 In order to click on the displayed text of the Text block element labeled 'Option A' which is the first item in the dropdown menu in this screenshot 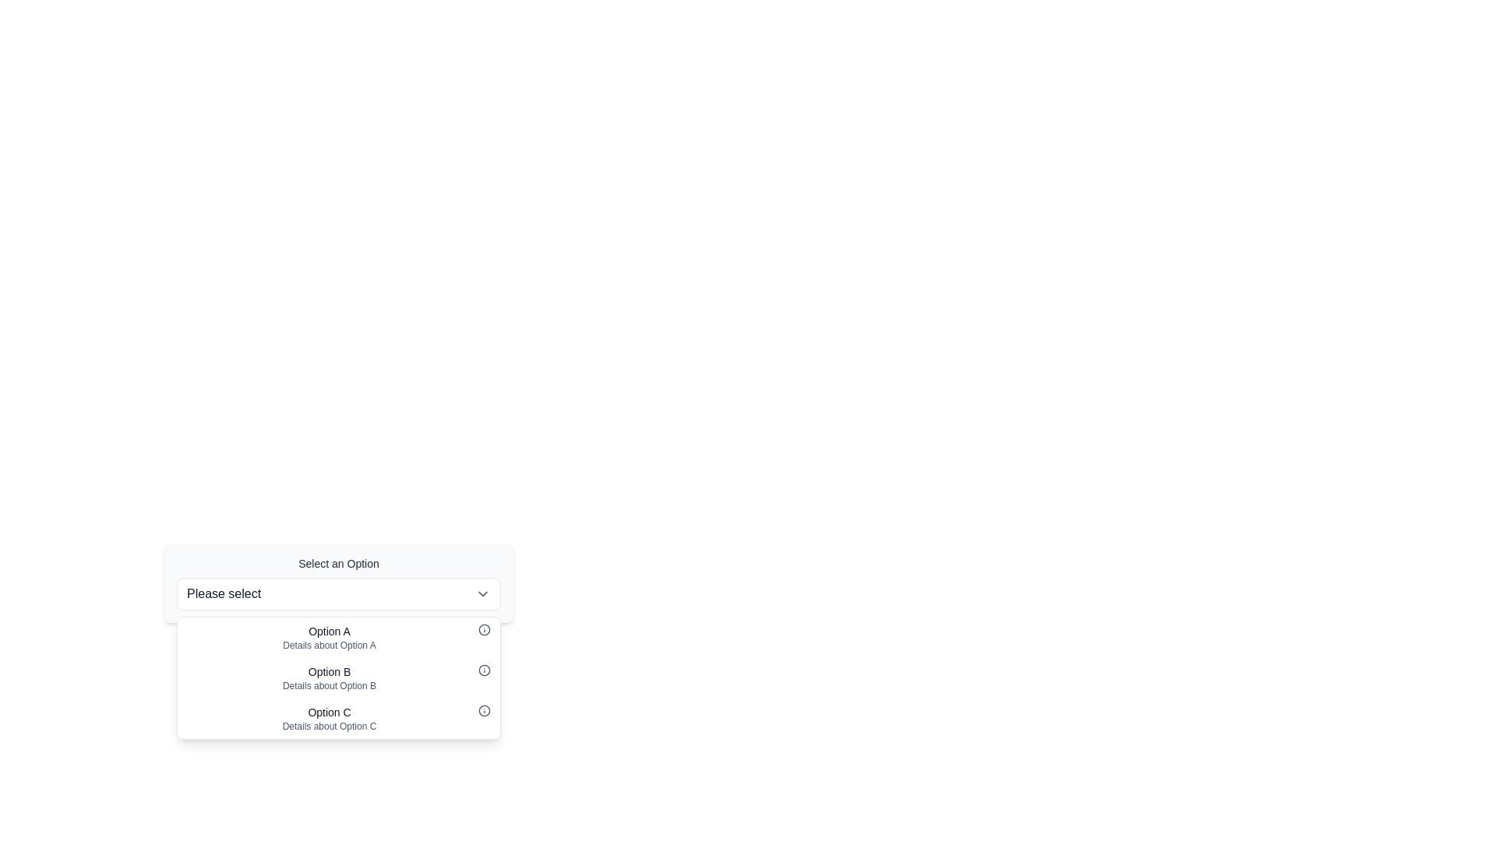, I will do `click(328, 637)`.